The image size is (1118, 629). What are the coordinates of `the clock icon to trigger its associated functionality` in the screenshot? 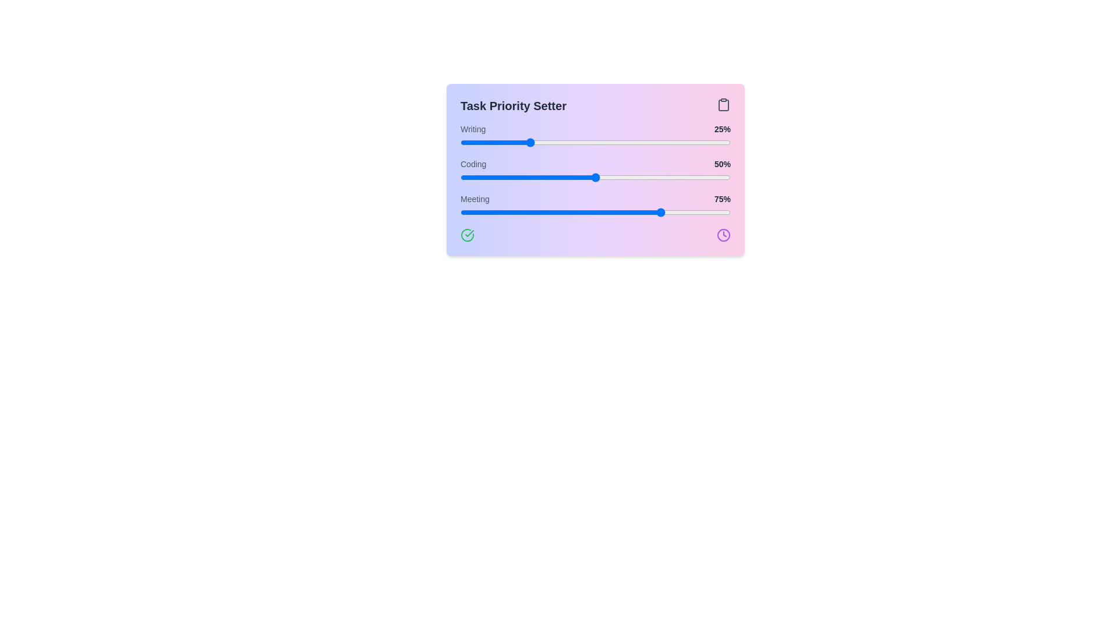 It's located at (723, 235).